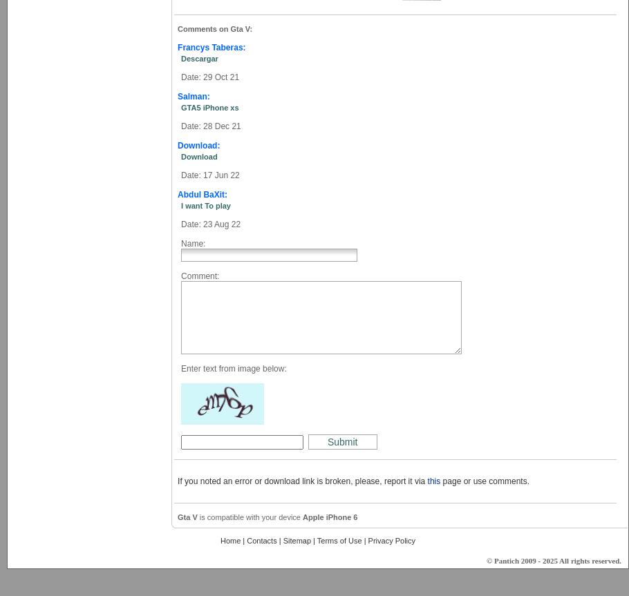  I want to click on 'this', so click(426, 481).